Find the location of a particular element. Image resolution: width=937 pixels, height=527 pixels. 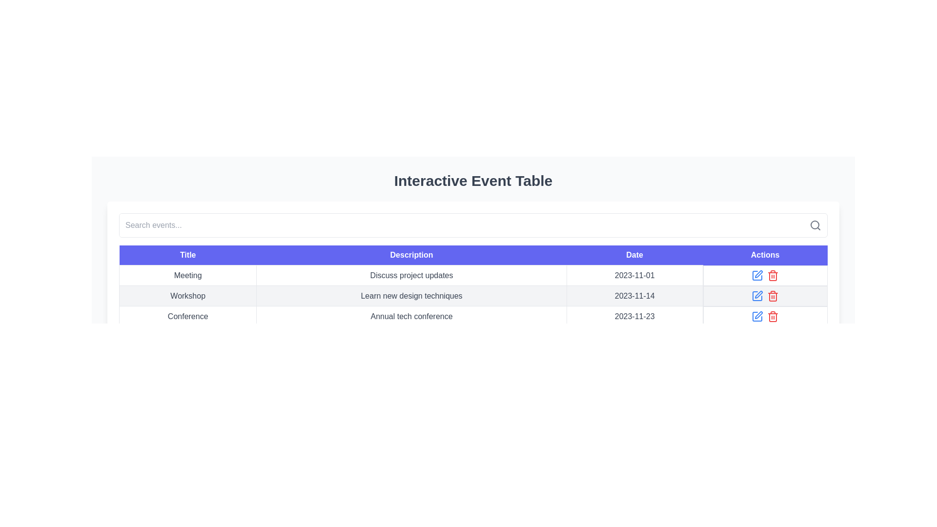

the delete button located is located at coordinates (773, 275).